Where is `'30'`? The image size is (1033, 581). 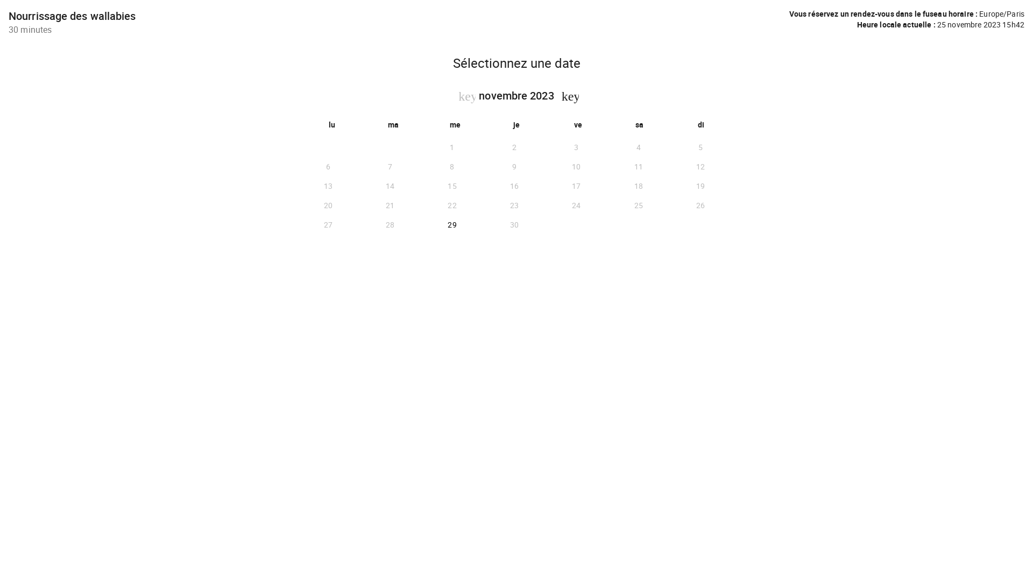
'30' is located at coordinates (513, 224).